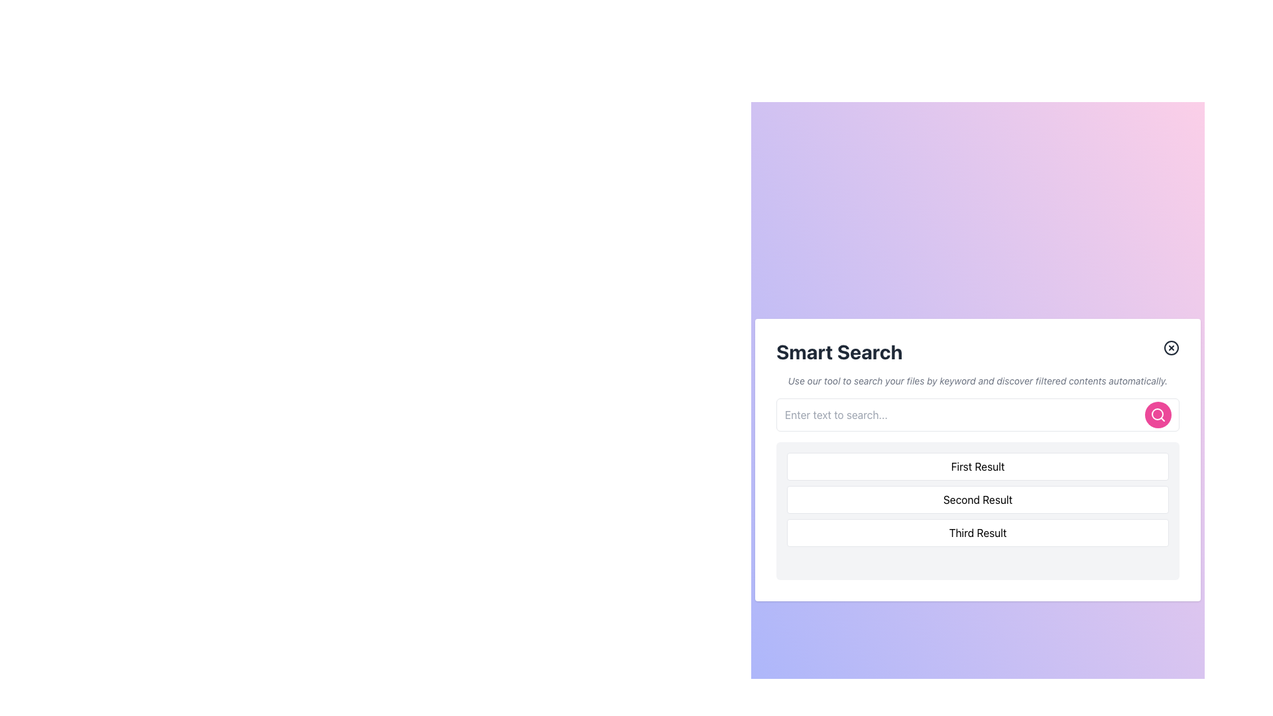 This screenshot has height=716, width=1273. What do you see at coordinates (977, 499) in the screenshot?
I see `the textual entry box that contains the centered black text 'Second Result'` at bounding box center [977, 499].